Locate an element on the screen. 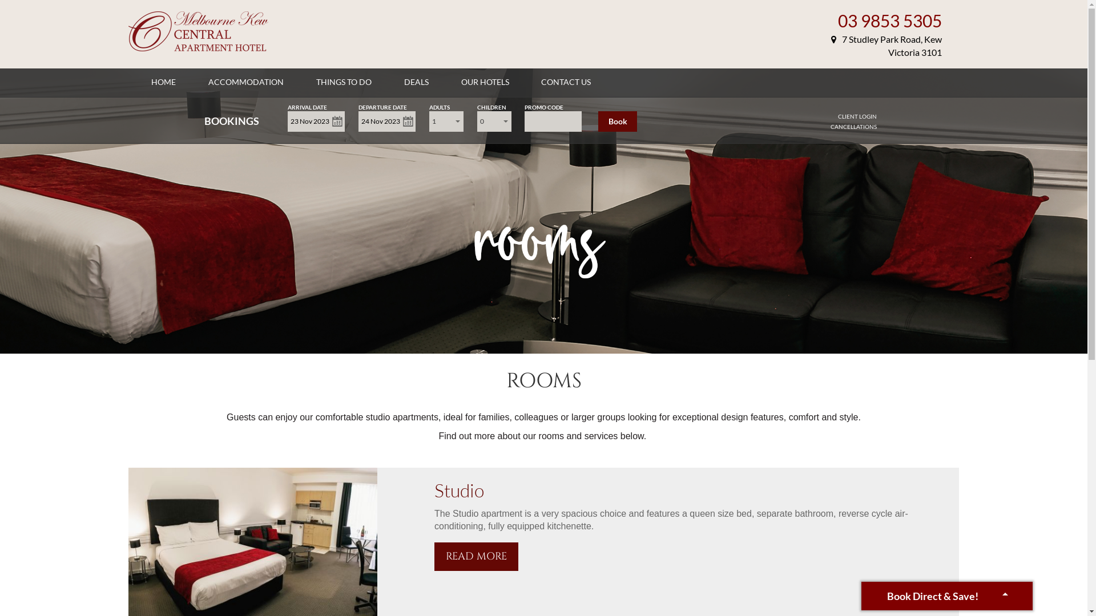  'CLIENT LOGIN' is located at coordinates (857, 116).